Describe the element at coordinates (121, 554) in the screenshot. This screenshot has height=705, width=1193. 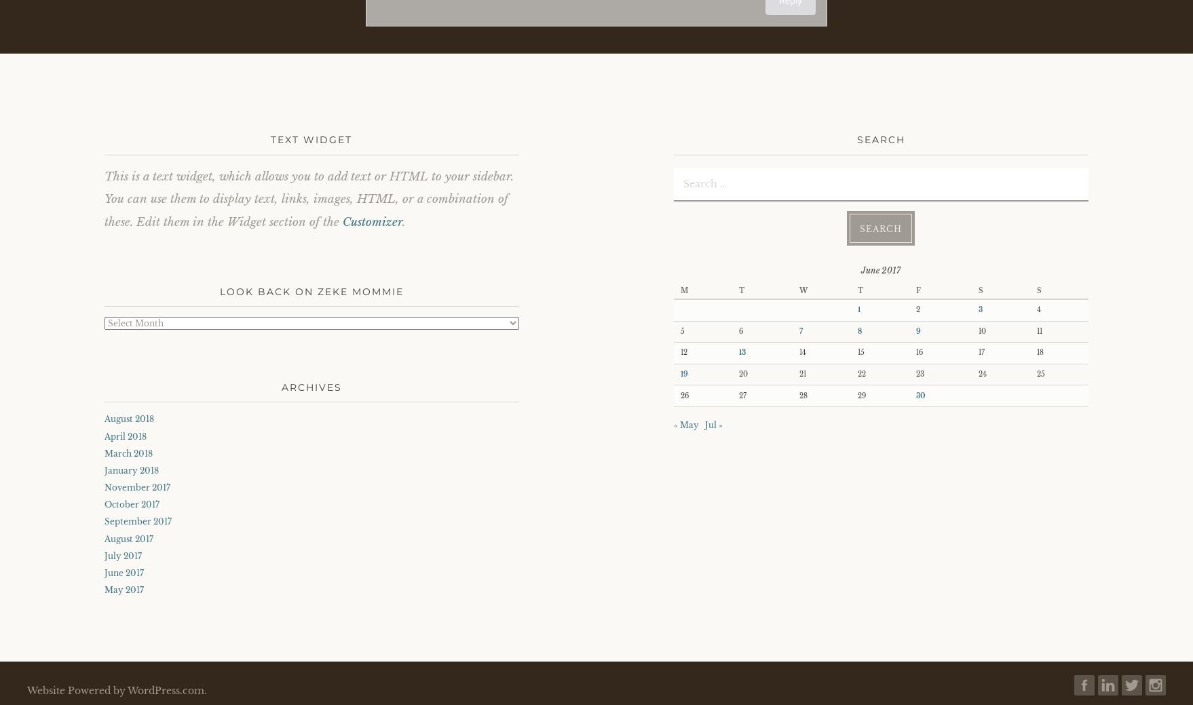
I see `'July 2017'` at that location.